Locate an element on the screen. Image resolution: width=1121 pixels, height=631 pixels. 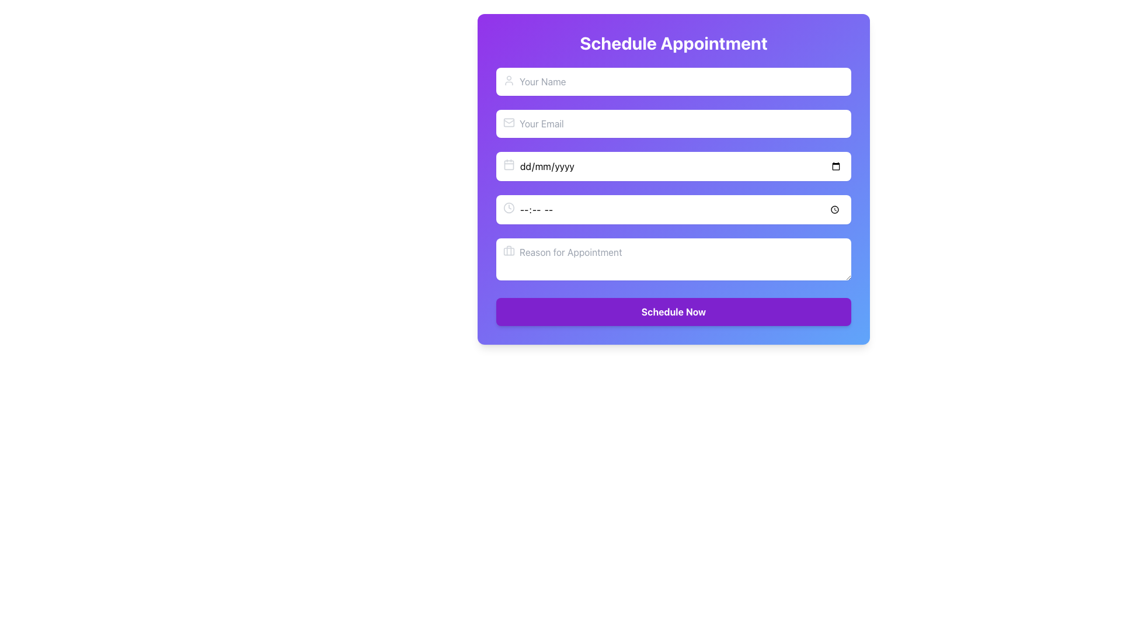
the 'Schedule Appointment' textual heading which is styled in large bold white font, centered in a form card with a purple-to-blue gradient background is located at coordinates (673, 42).